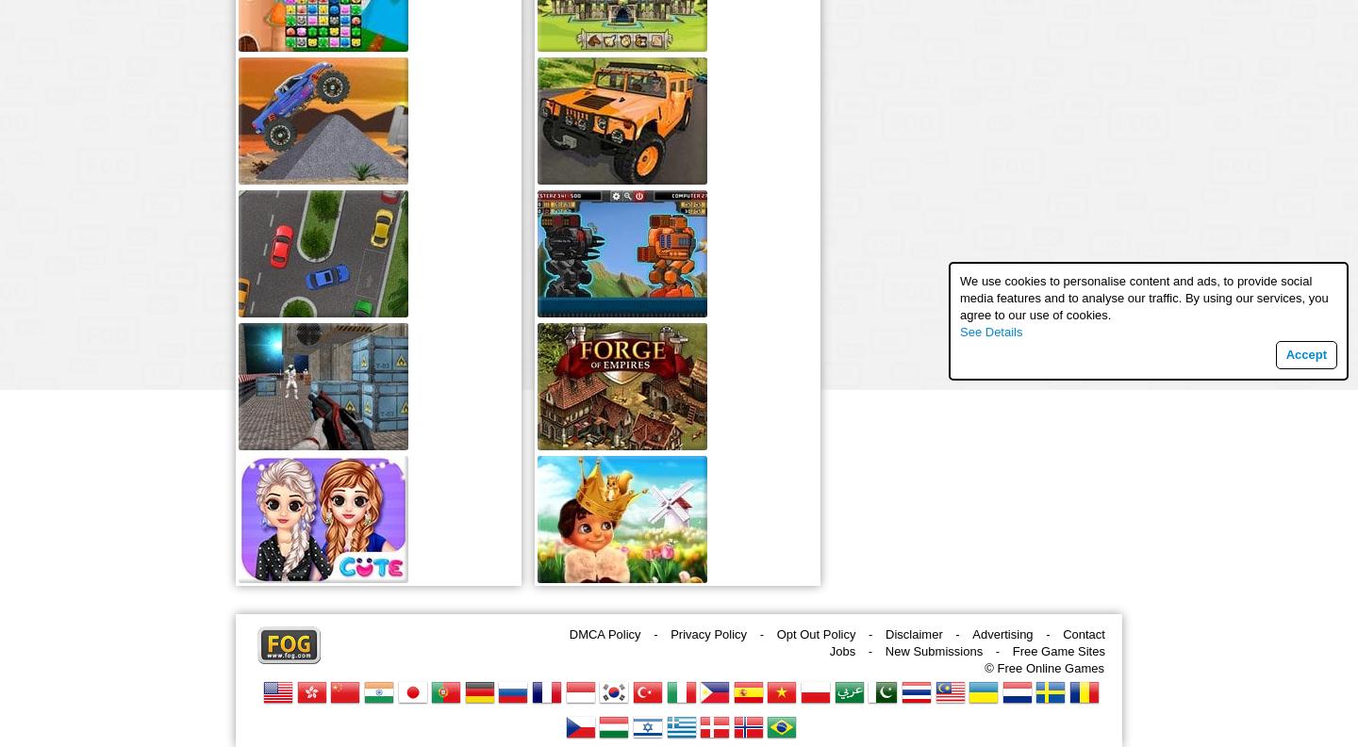 The image size is (1358, 747). I want to click on 'Privacy Policy', so click(707, 633).